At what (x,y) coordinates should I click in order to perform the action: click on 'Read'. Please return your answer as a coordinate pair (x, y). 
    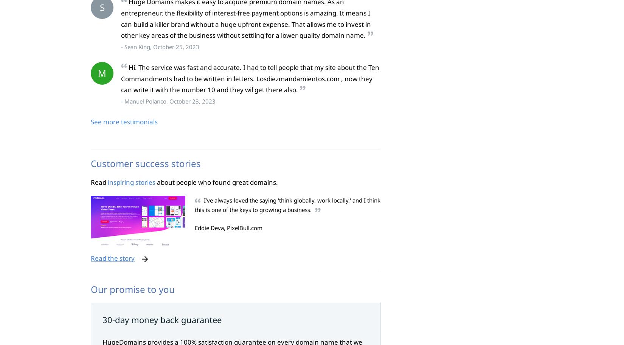
    Looking at the image, I should click on (99, 182).